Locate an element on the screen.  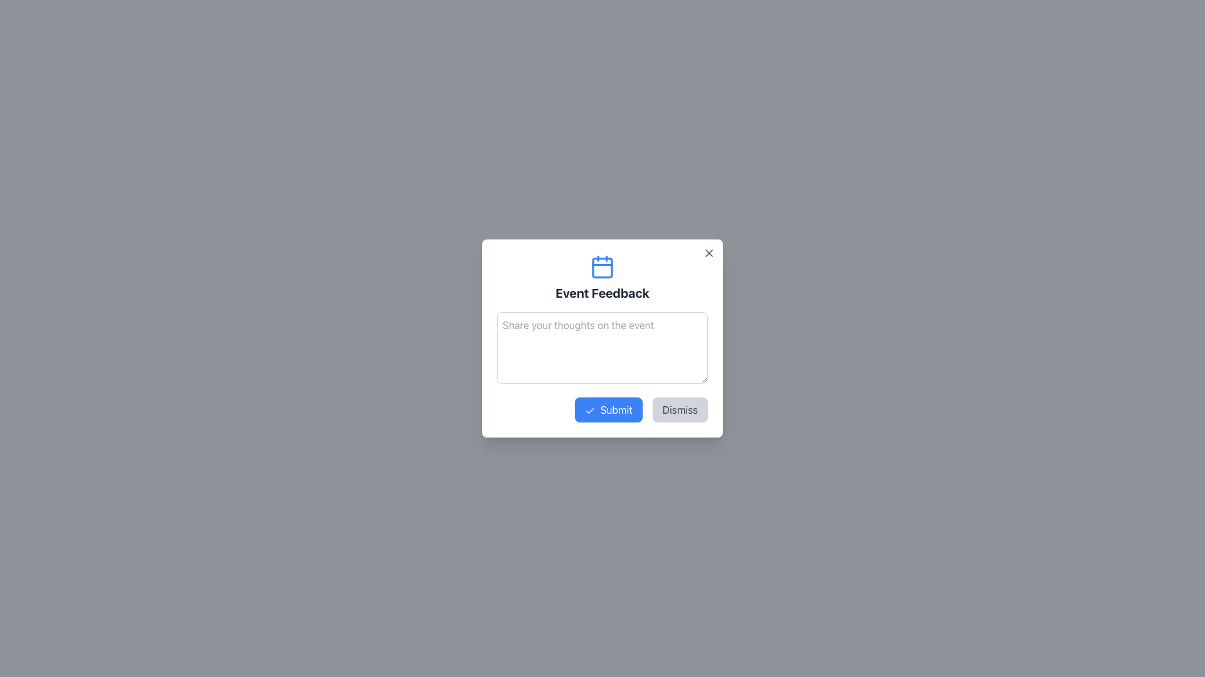
the small square button with an 'X' icon in dark gray color located at the top-right corner of the 'Event Feedback' modal is located at coordinates (709, 253).